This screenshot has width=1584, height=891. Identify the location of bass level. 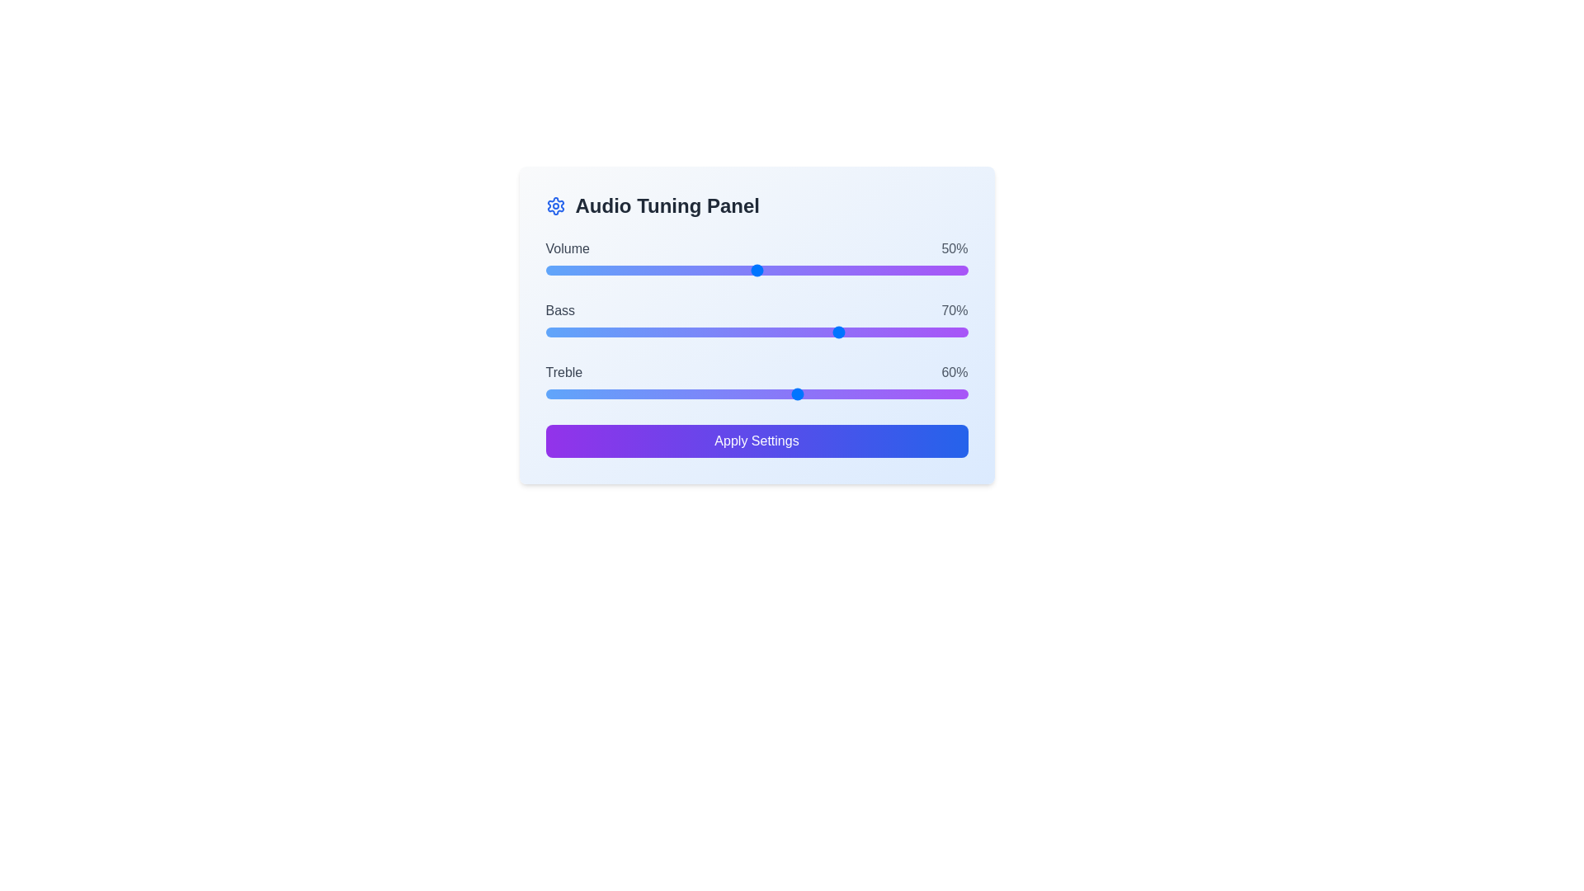
(587, 332).